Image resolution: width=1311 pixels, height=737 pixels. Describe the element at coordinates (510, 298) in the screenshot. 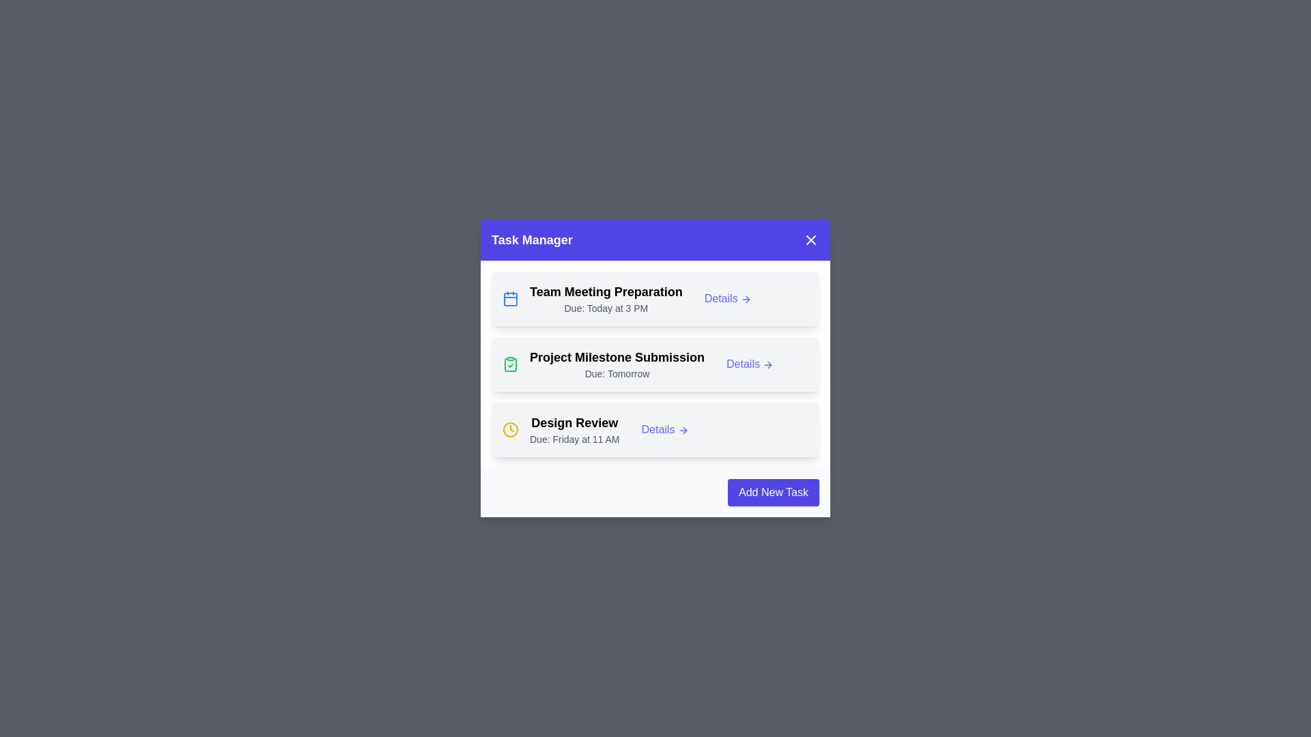

I see `the blue-outlined calendar icon with rounded corners, located to the left of the text 'Team Meeting Preparation' within a card-like structure` at that location.